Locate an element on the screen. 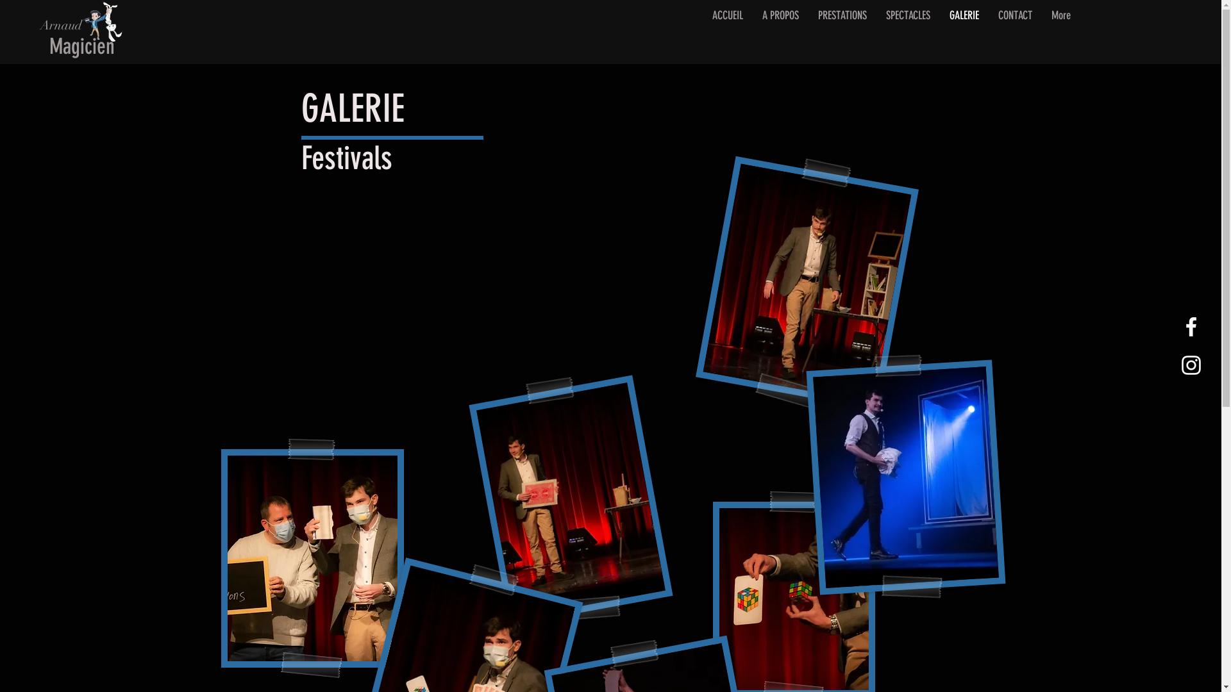 Image resolution: width=1231 pixels, height=692 pixels. 'ACCUEIL' is located at coordinates (727, 33).